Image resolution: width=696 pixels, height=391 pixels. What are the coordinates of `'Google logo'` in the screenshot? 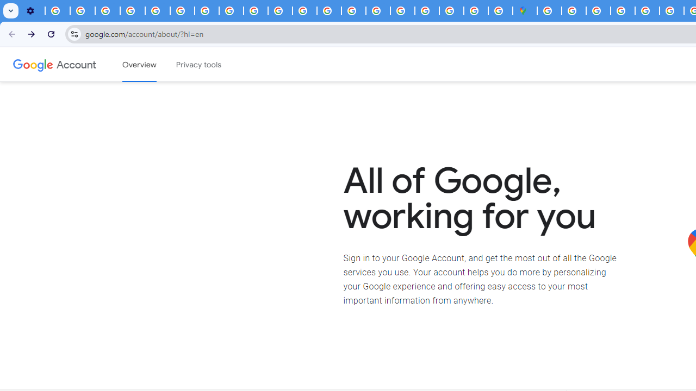 It's located at (33, 64).